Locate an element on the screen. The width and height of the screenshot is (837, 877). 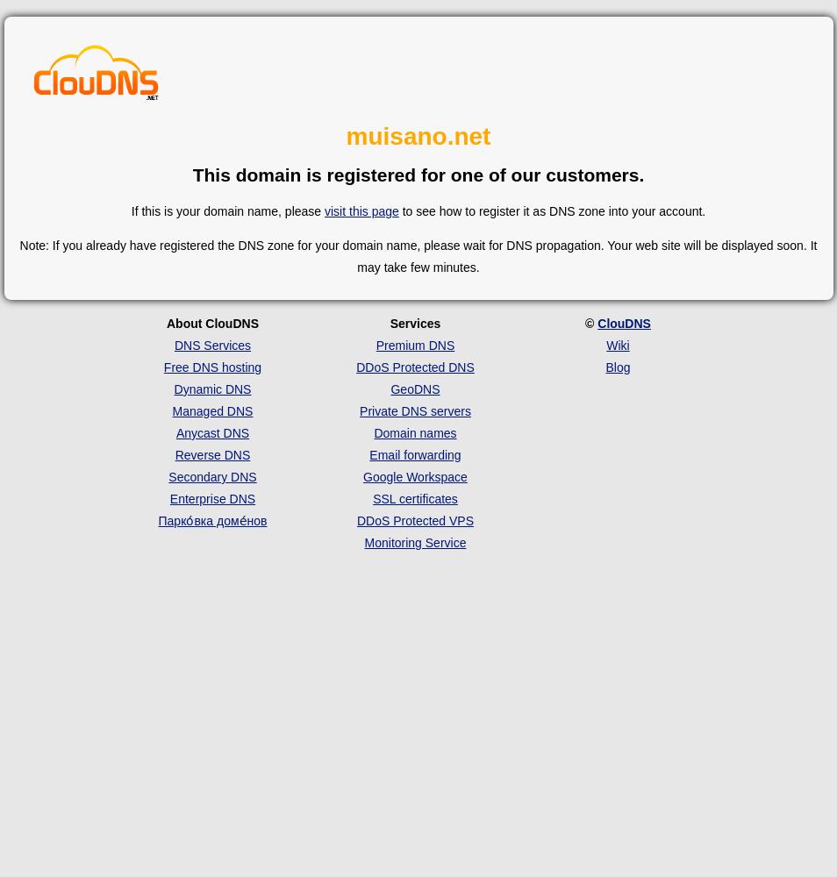
'If this is your domain name, please' is located at coordinates (130, 210).